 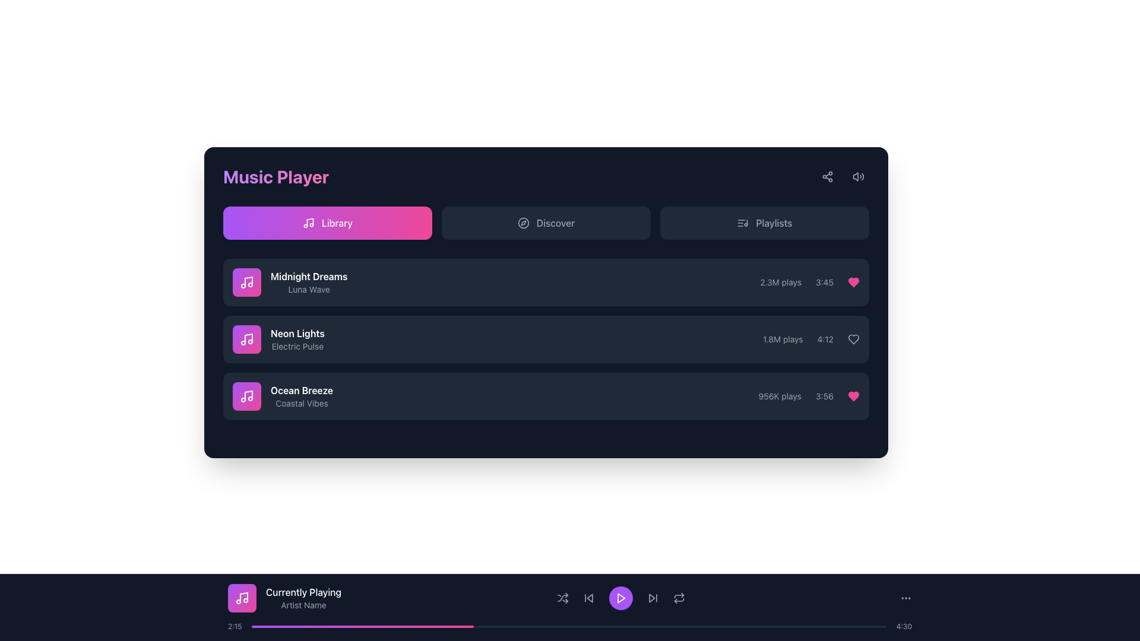 I want to click on the text label providing additional descriptive information associated with the main title 'Ocean Breeze' in the music player interface, so click(x=302, y=402).